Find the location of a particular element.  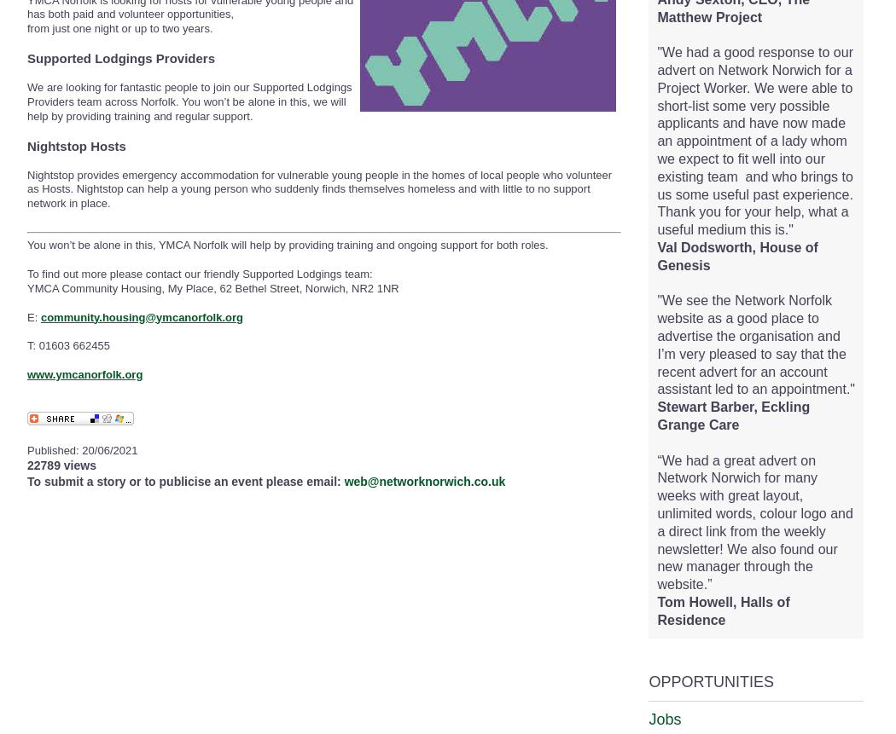

'Tom Howell, Halls of Residence' is located at coordinates (656, 610).